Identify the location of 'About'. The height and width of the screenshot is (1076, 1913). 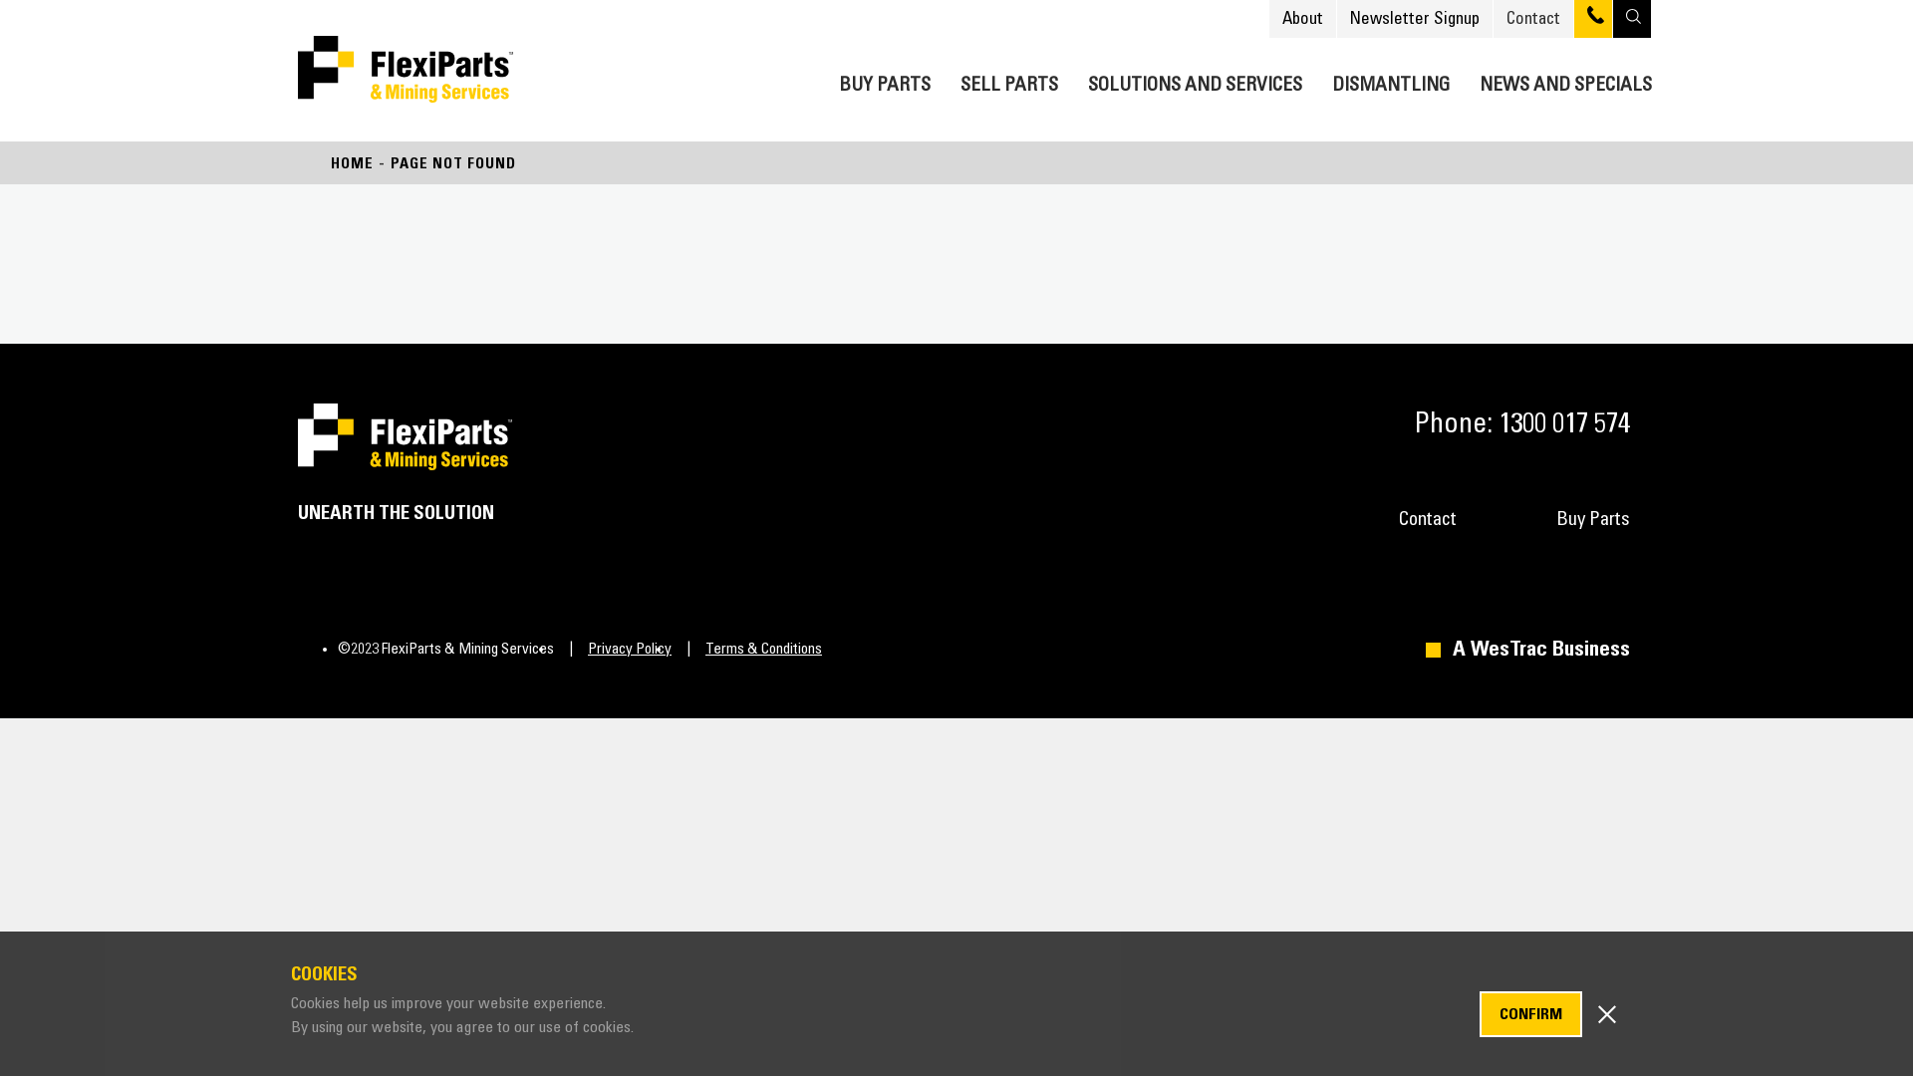
(1302, 18).